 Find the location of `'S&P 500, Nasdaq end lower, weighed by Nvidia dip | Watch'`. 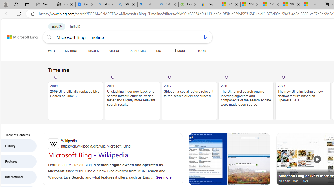

'S&P 500, Nasdaq end lower, weighed by Nvidia dip | Watch' is located at coordinates (312, 4).